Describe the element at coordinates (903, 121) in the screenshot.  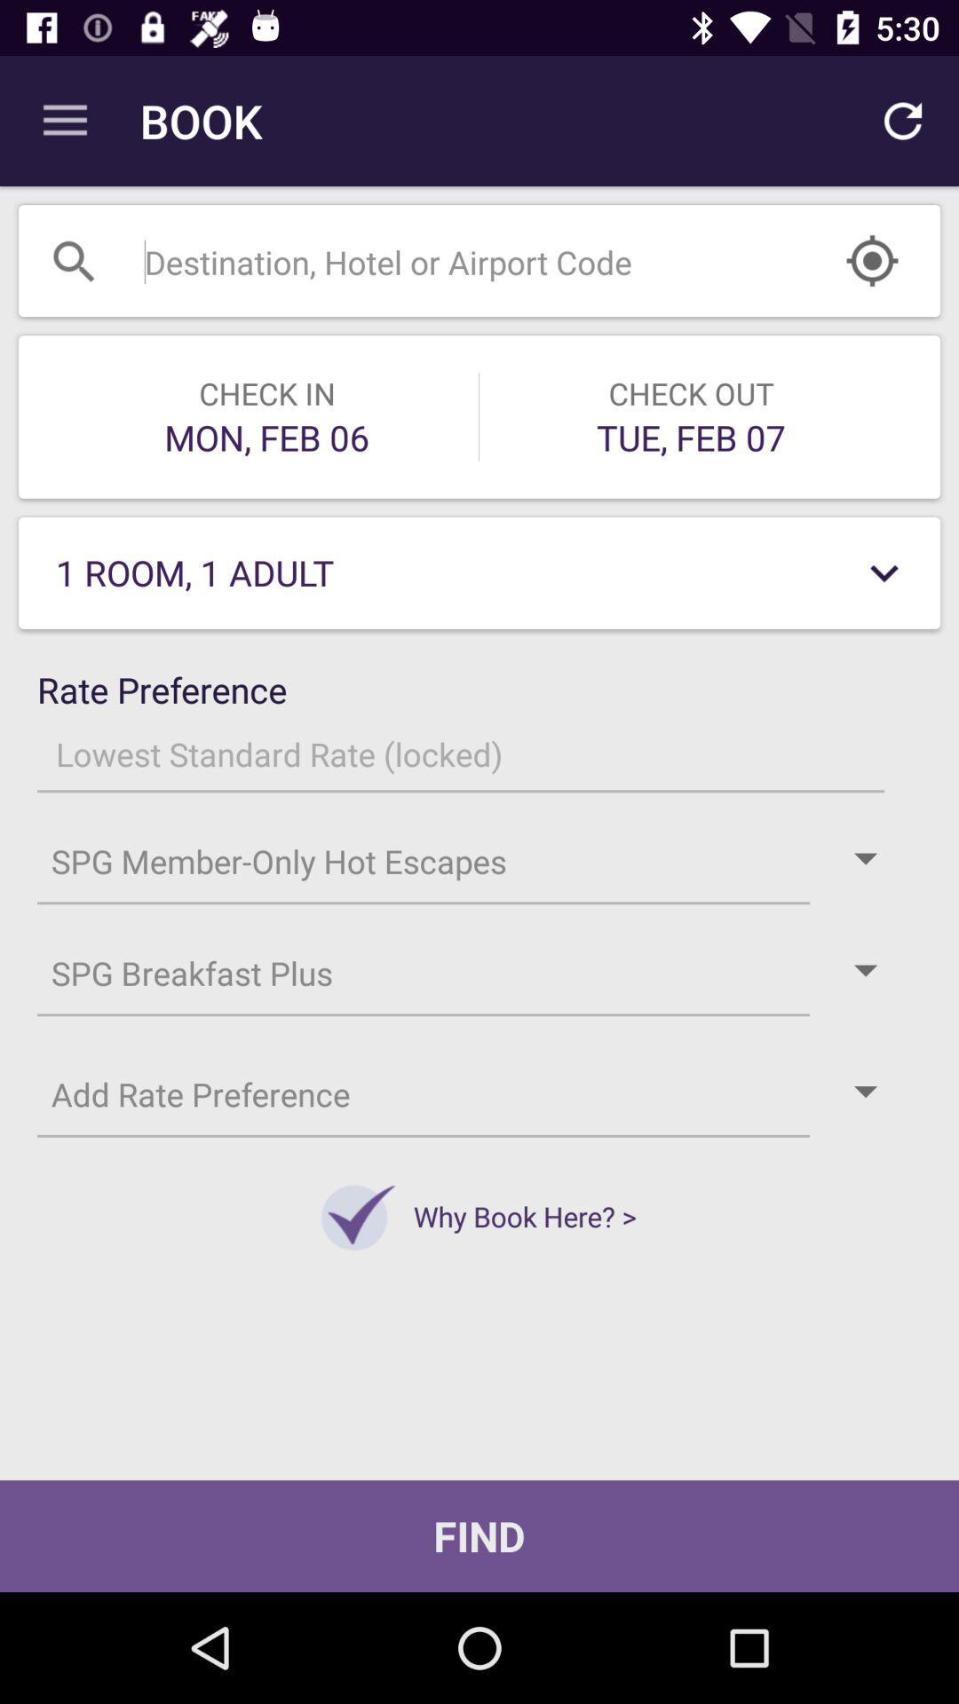
I see `reload` at that location.